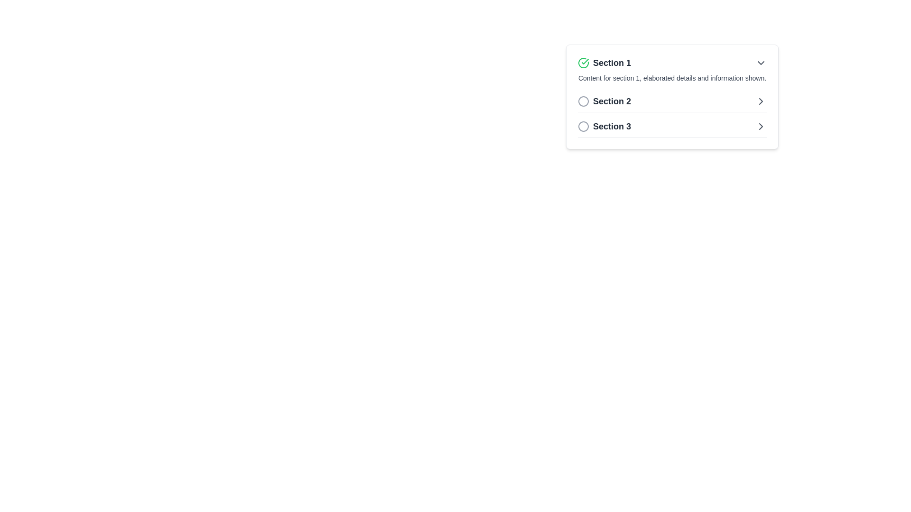 The width and height of the screenshot is (911, 512). I want to click on the interactive arrow icon located to the right of the 'Section 2' label, so click(761, 126).